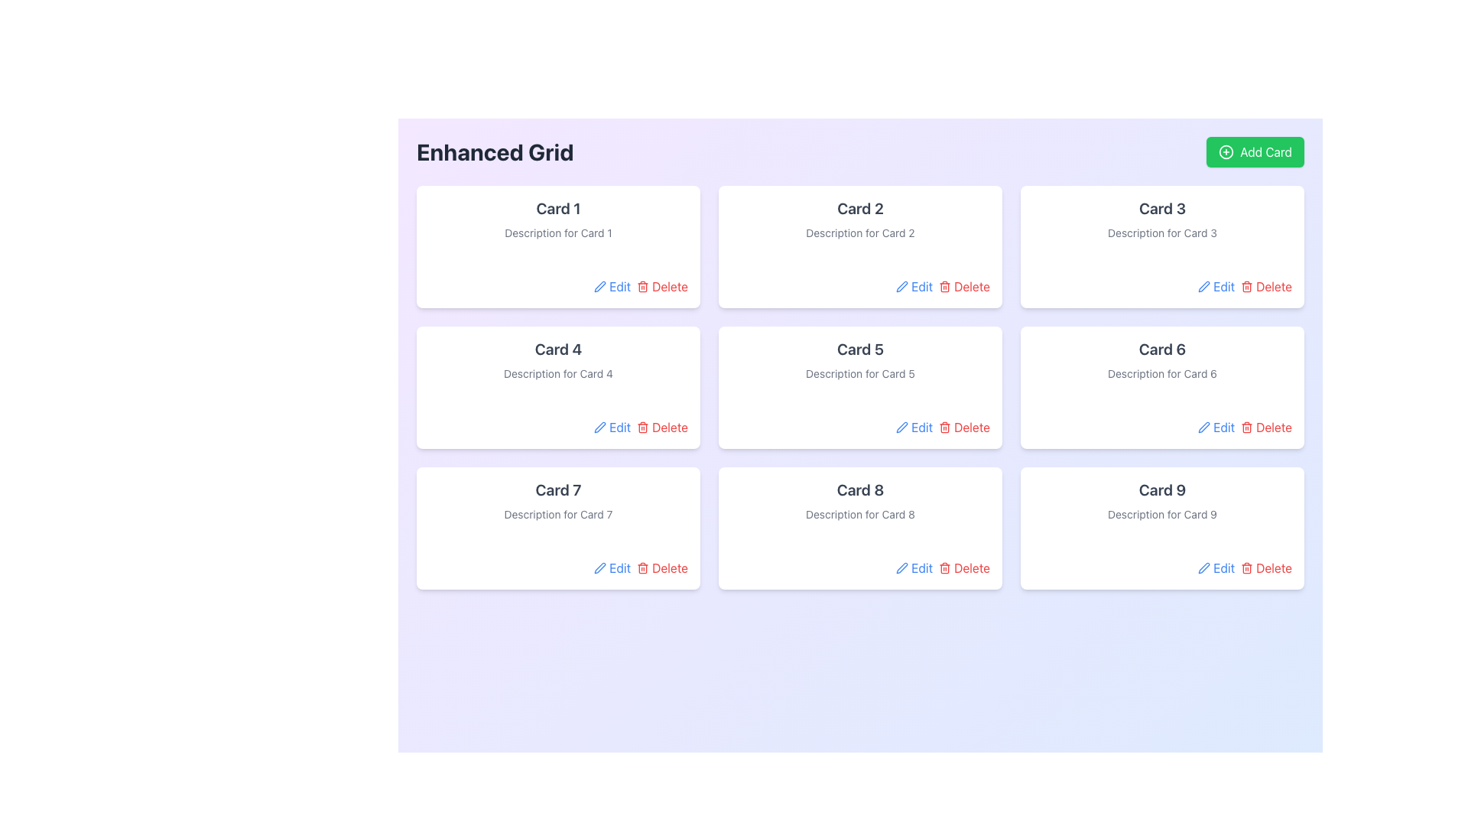 Image resolution: width=1468 pixels, height=826 pixels. I want to click on the SVG Icon that signifies an addition action, located on the top-right corner of the page within the green 'Add Card' button, so click(1226, 152).